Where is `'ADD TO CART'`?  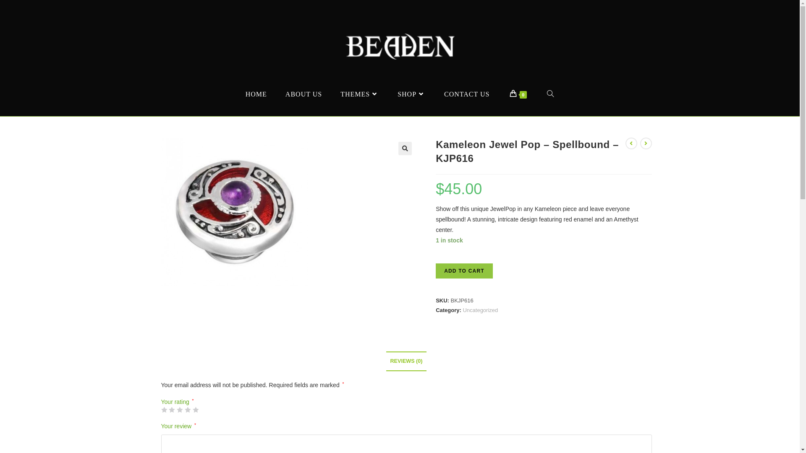
'ADD TO CART' is located at coordinates (463, 271).